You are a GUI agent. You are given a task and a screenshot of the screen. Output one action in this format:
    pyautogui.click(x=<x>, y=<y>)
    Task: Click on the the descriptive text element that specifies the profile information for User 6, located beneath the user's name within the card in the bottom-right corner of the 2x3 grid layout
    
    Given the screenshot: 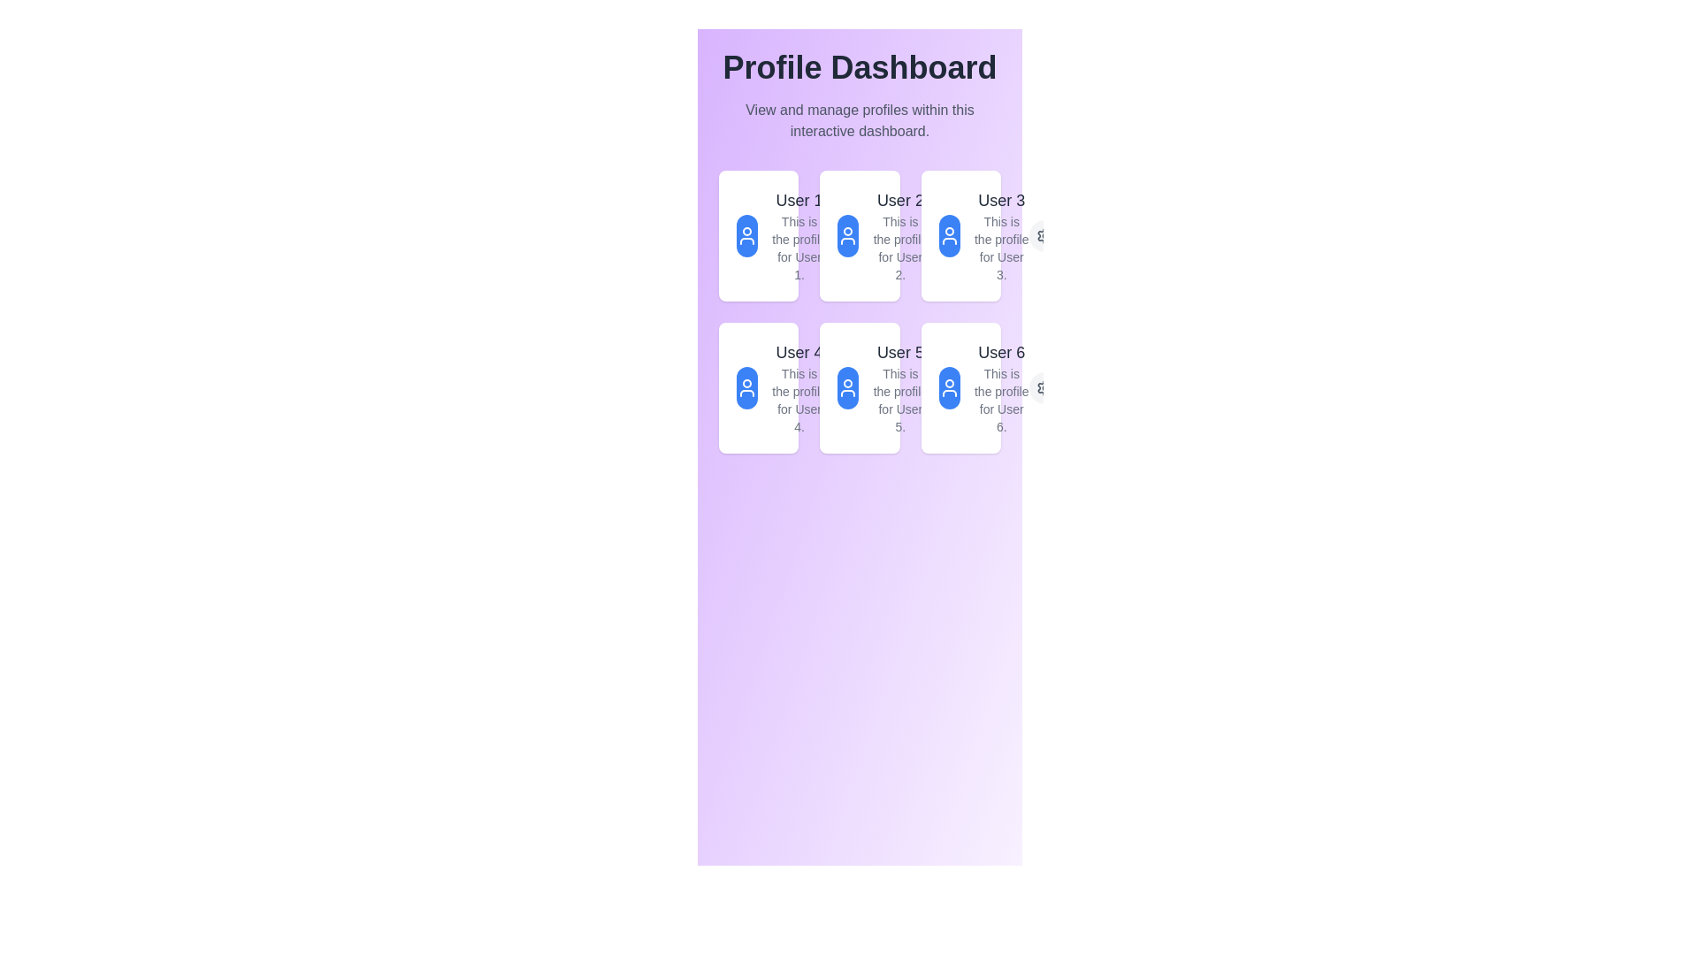 What is the action you would take?
    pyautogui.click(x=1001, y=400)
    